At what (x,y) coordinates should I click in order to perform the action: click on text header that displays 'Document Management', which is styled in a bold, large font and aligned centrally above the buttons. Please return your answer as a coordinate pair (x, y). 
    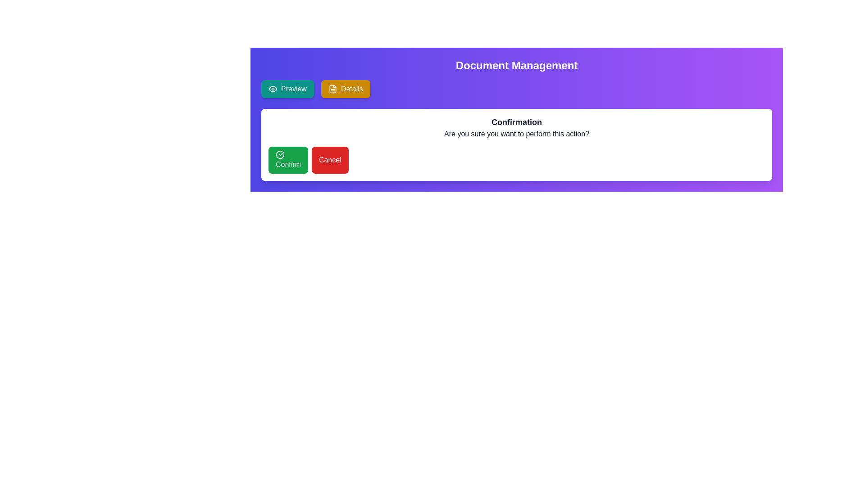
    Looking at the image, I should click on (517, 65).